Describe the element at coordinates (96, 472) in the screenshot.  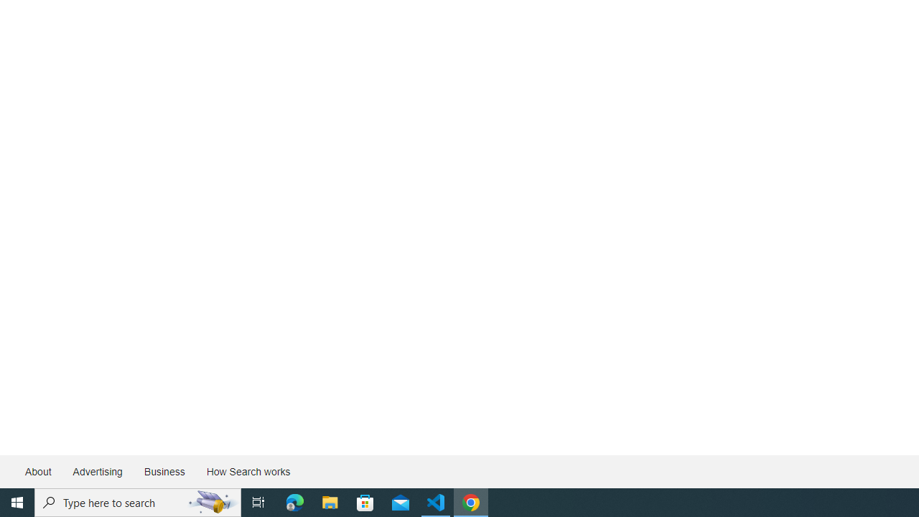
I see `'Advertising'` at that location.